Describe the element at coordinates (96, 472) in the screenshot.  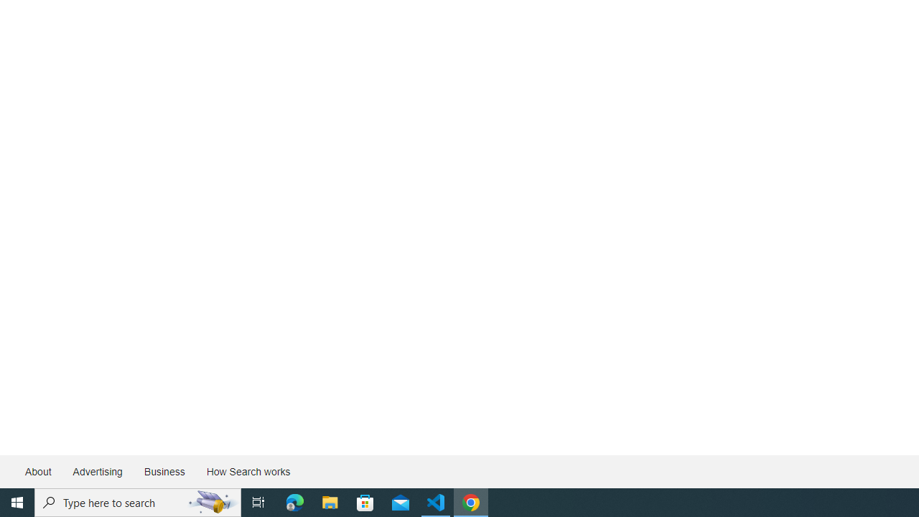
I see `'Advertising'` at that location.